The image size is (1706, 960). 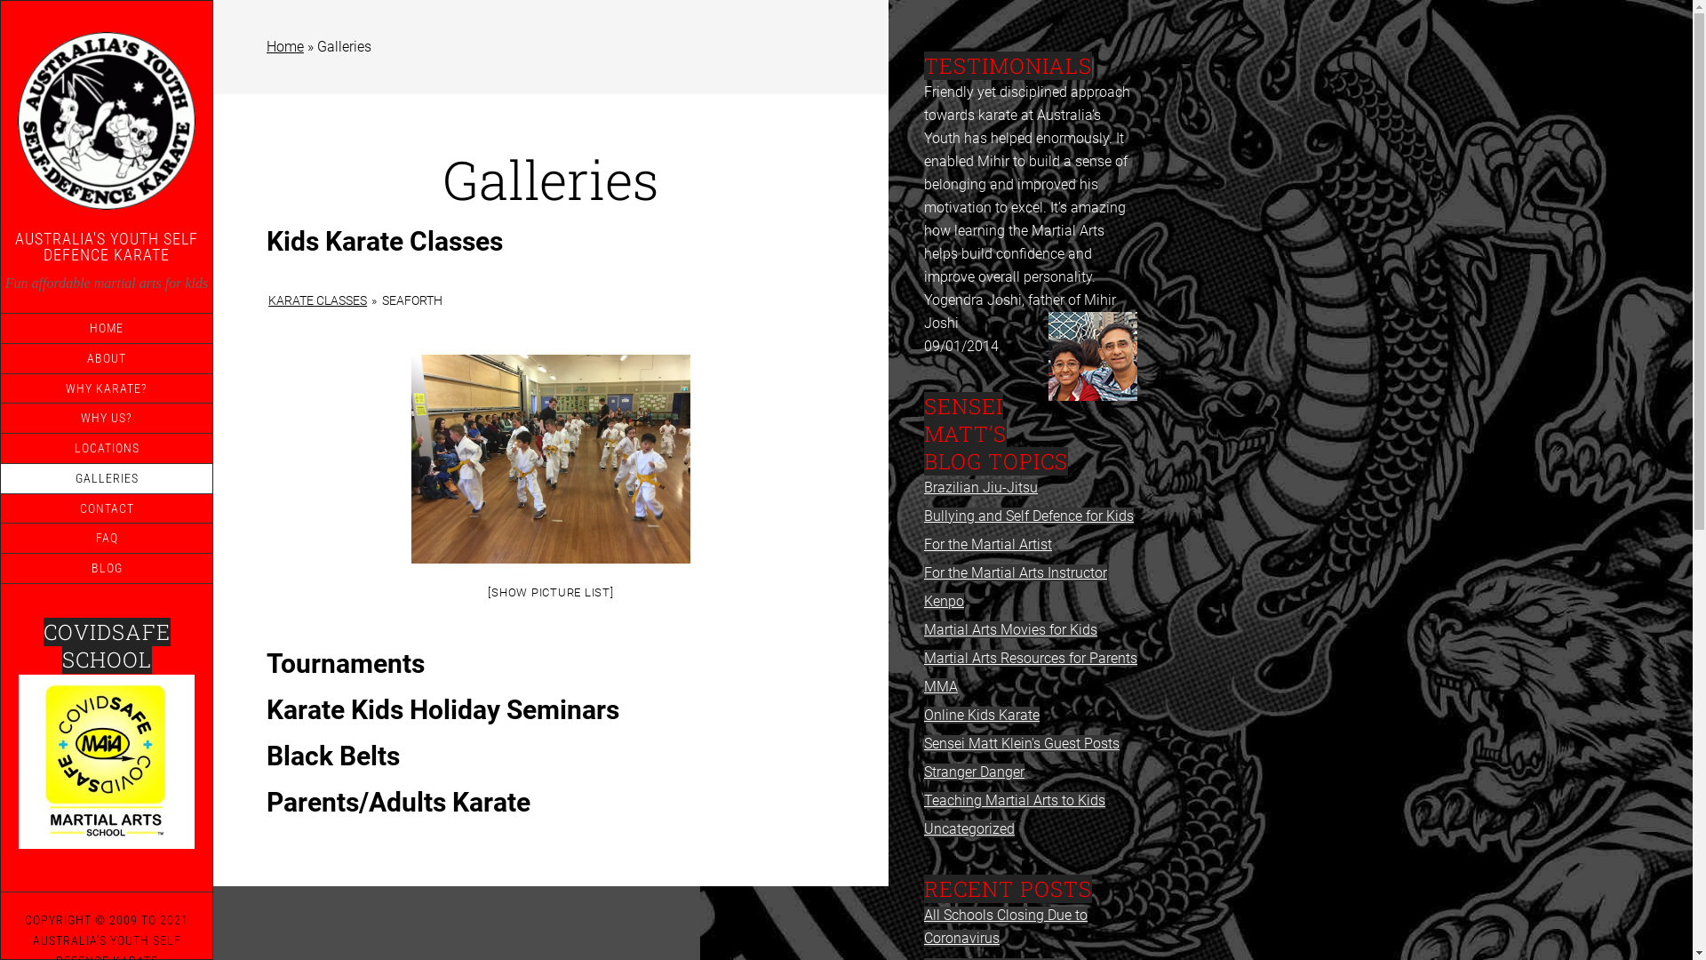 I want to click on 'GALLERIES', so click(x=106, y=477).